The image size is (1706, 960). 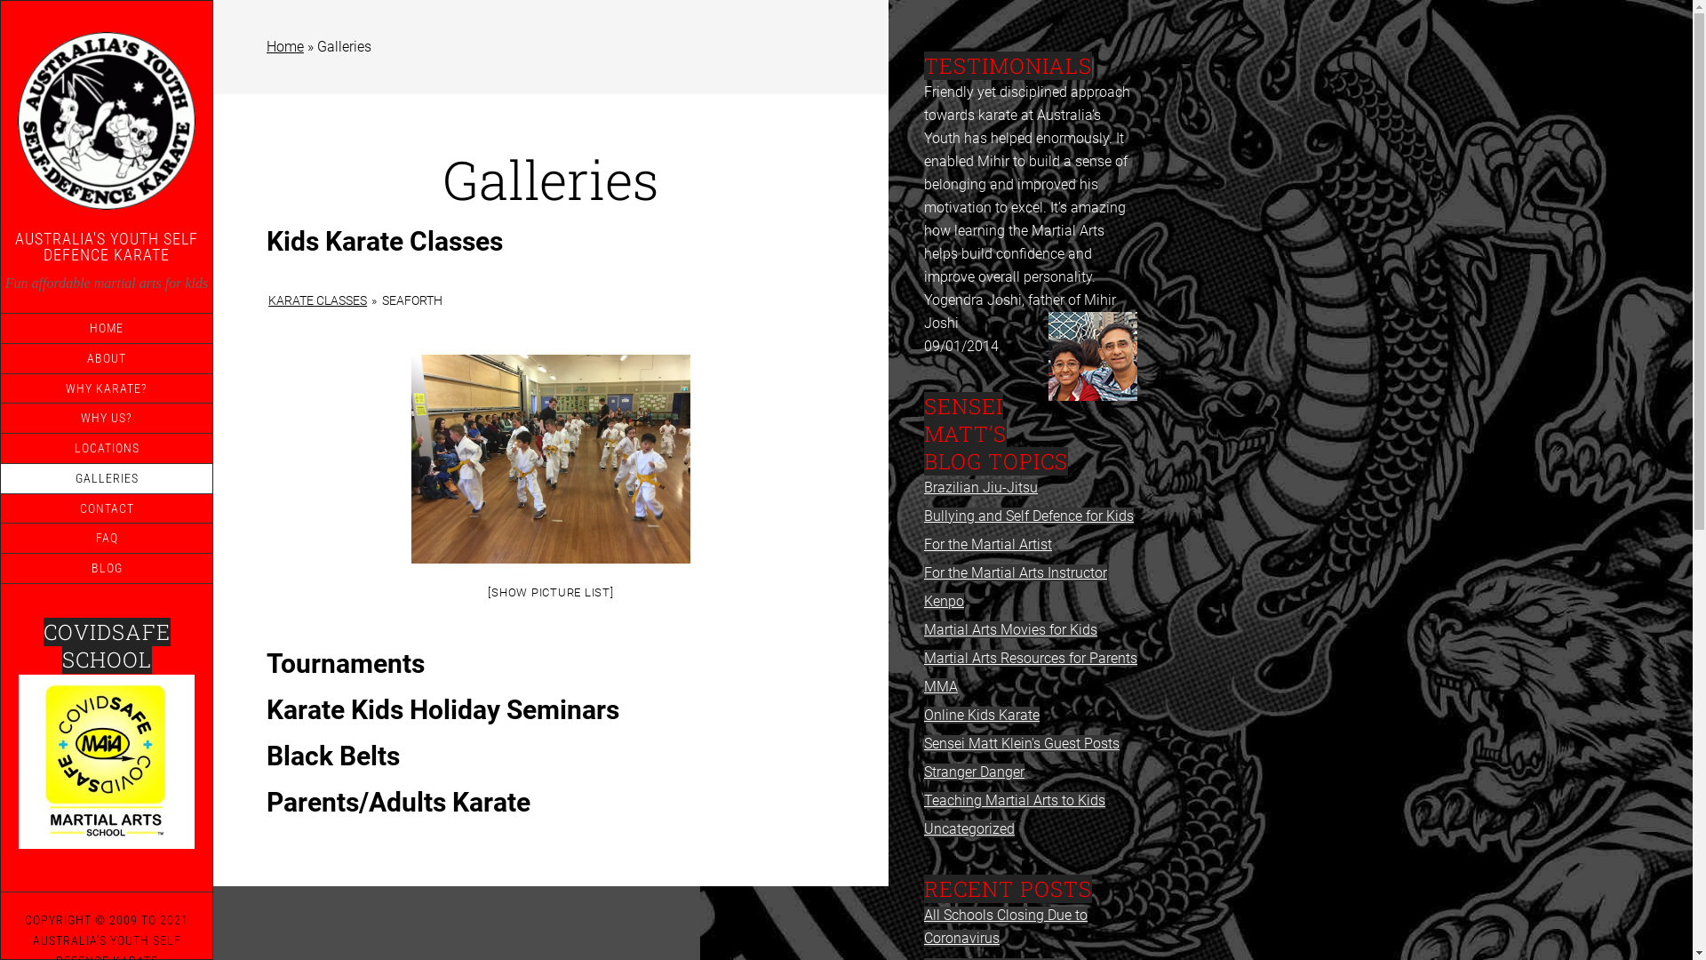 I want to click on 'GALLERIES', so click(x=106, y=477).